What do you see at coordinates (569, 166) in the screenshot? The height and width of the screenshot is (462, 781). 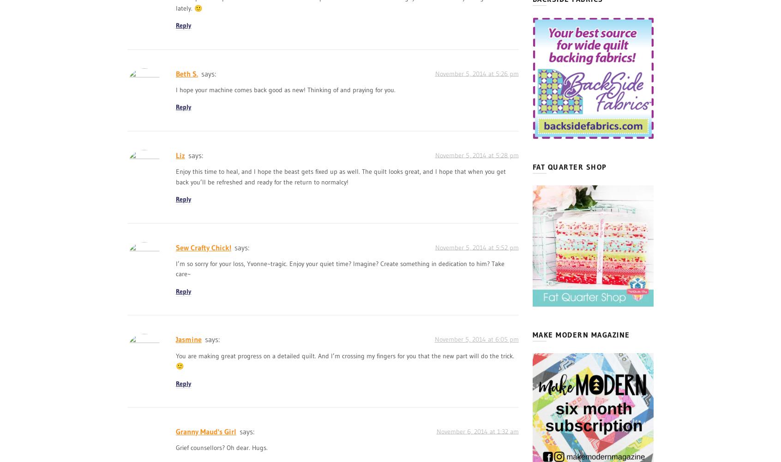 I see `'Fat Quarter Shop'` at bounding box center [569, 166].